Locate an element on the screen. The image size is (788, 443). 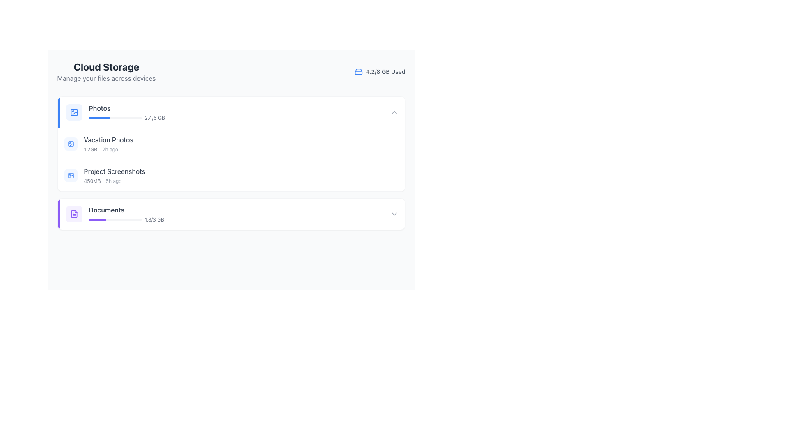
the ellipsis vertical icon button located in the bottom-right corner of the 'Documents' section to navigate options is located at coordinates (392, 245).